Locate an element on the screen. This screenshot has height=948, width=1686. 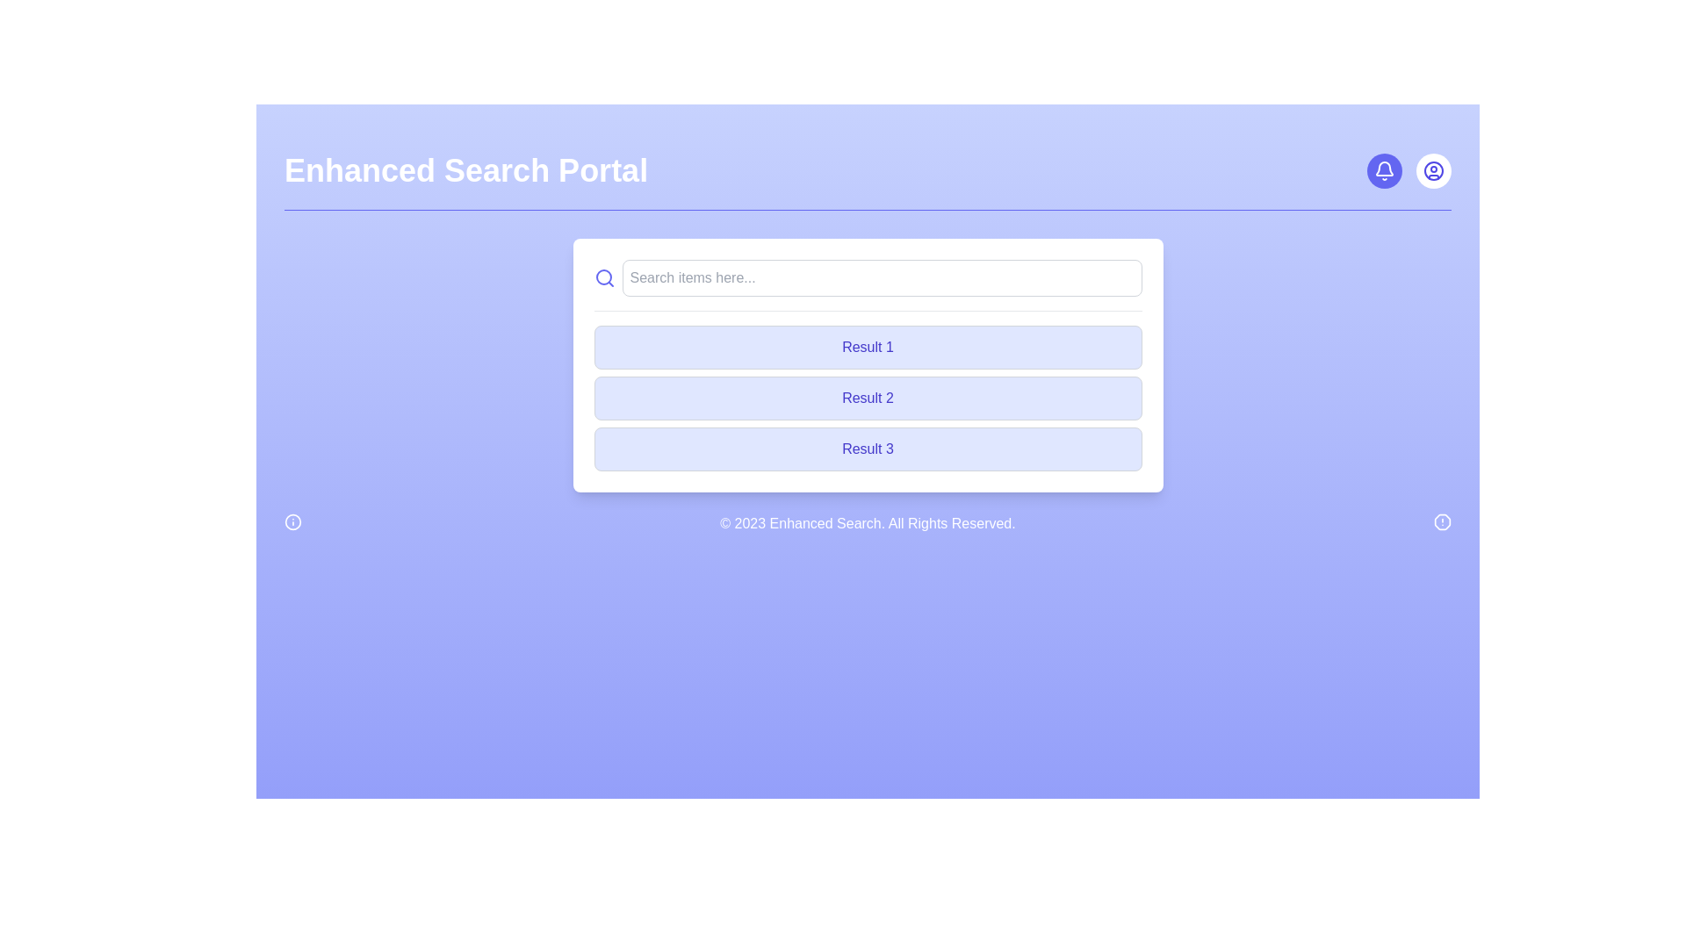
the button labeled 'Result 1' with indigo text on a light indigo background to initiate an action associated with this result is located at coordinates (868, 348).